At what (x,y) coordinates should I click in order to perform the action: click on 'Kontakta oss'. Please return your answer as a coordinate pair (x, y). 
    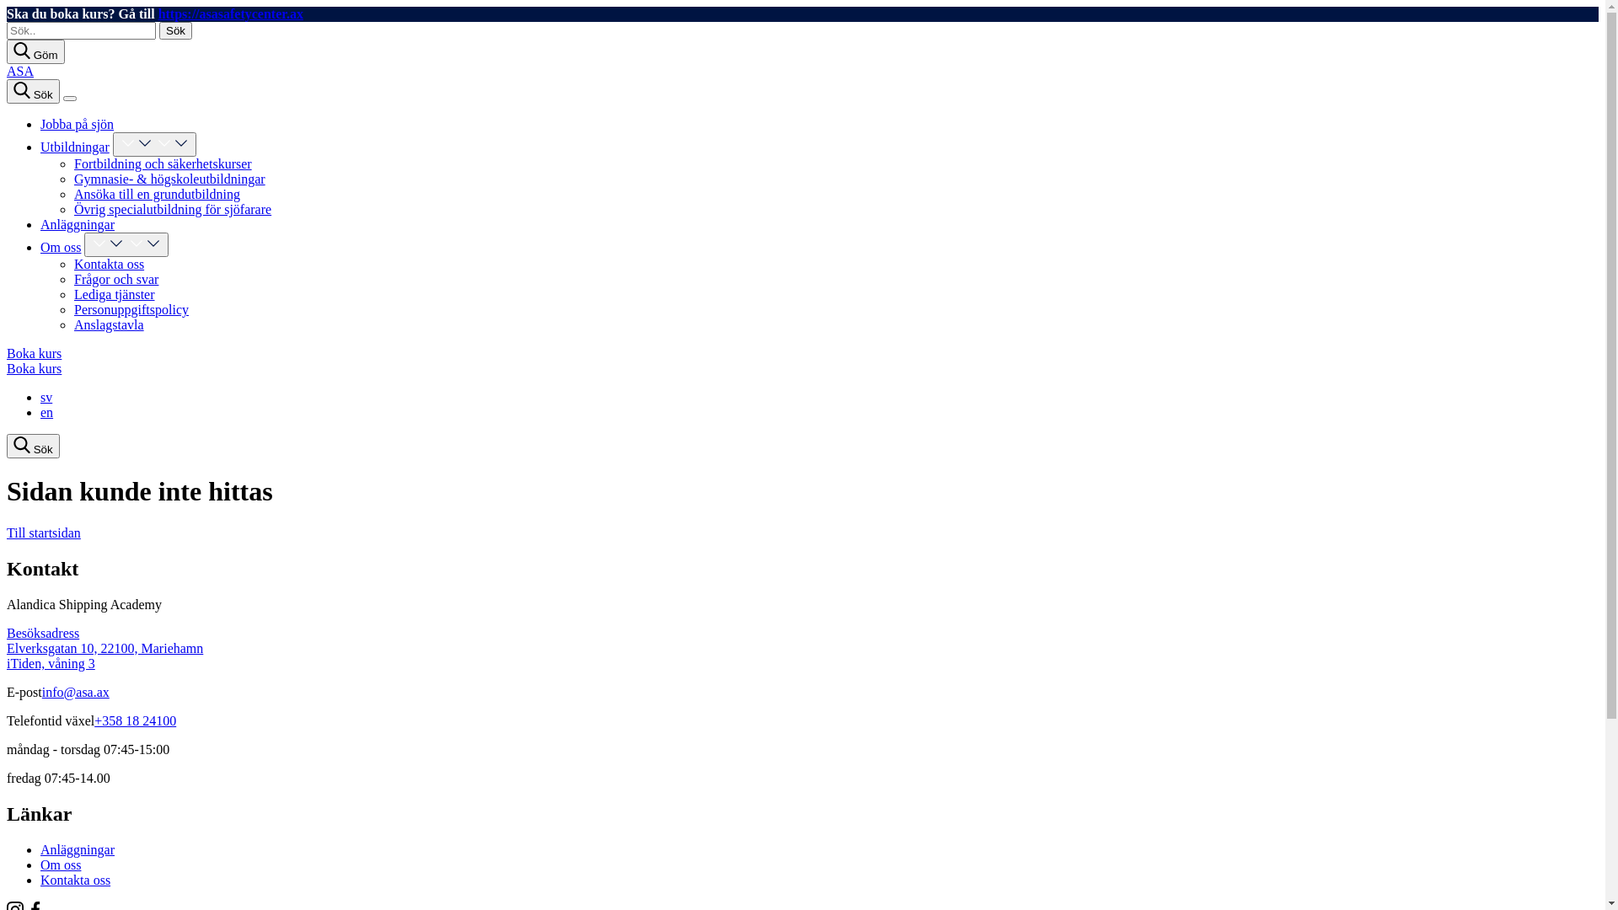
    Looking at the image, I should click on (74, 879).